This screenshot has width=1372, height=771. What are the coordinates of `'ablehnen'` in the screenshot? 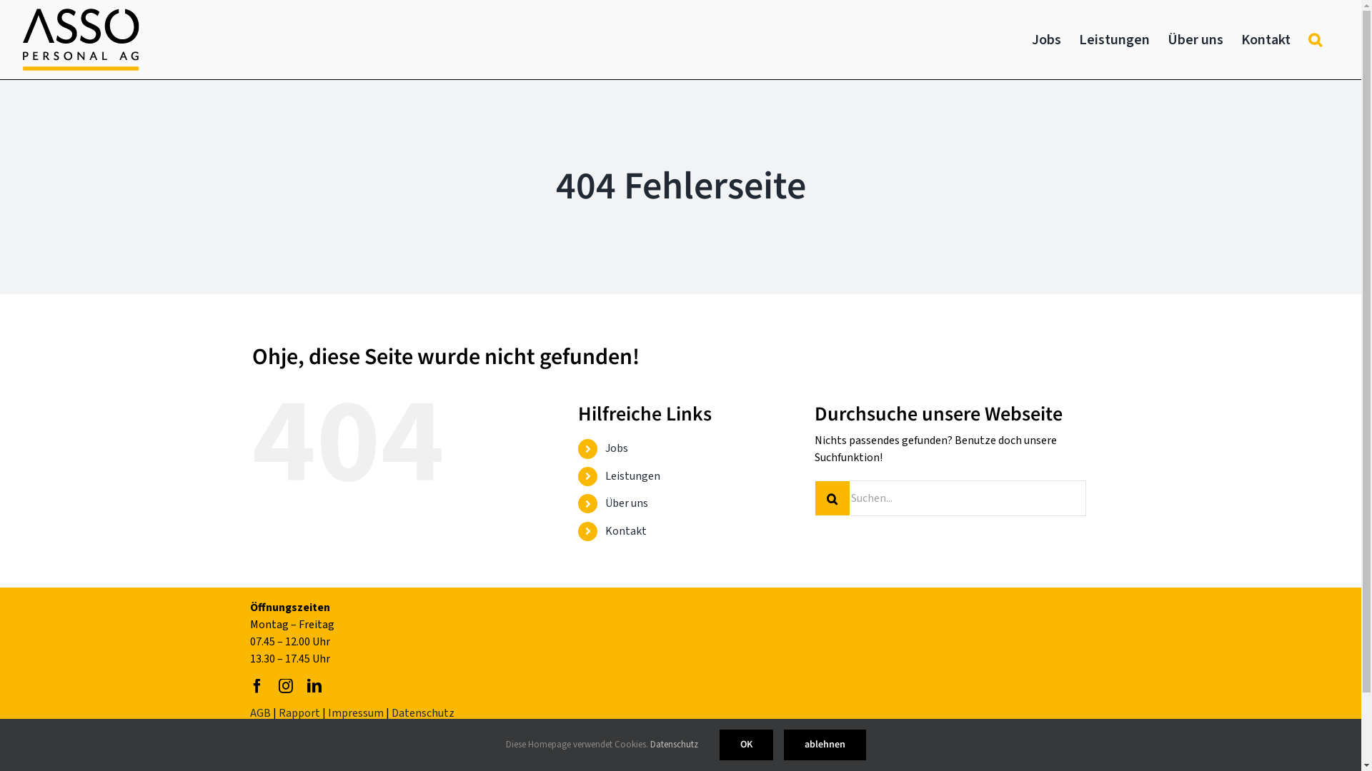 It's located at (825, 744).